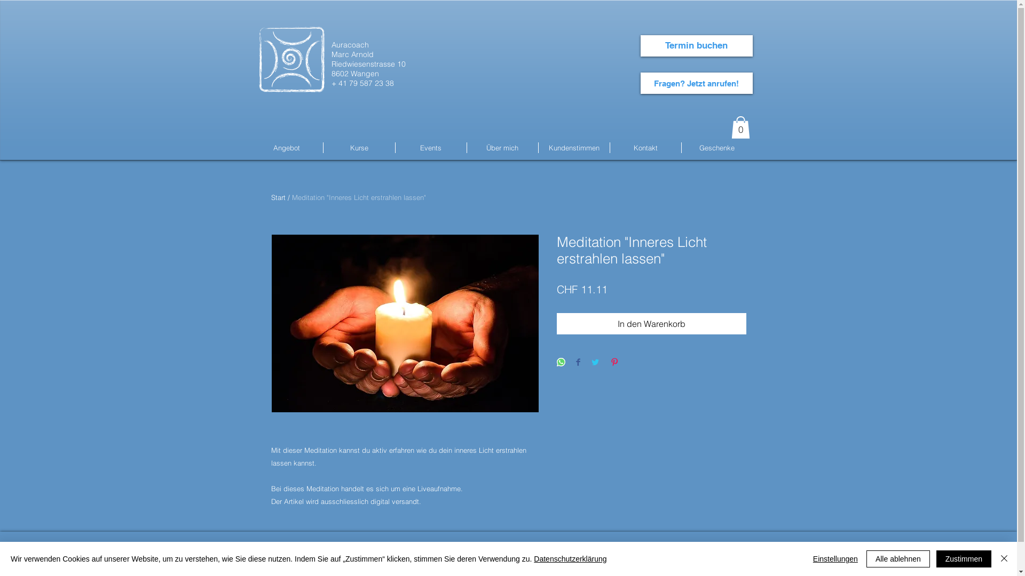 The width and height of the screenshot is (1025, 576). I want to click on 'Kurse', so click(359, 148).